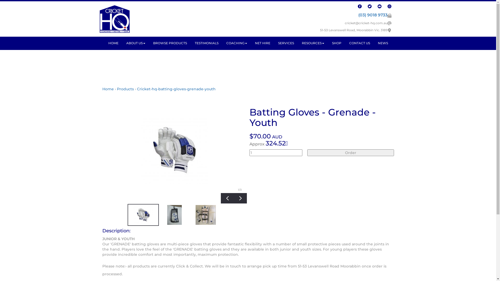  What do you see at coordinates (236, 43) in the screenshot?
I see `'COACHING'` at bounding box center [236, 43].